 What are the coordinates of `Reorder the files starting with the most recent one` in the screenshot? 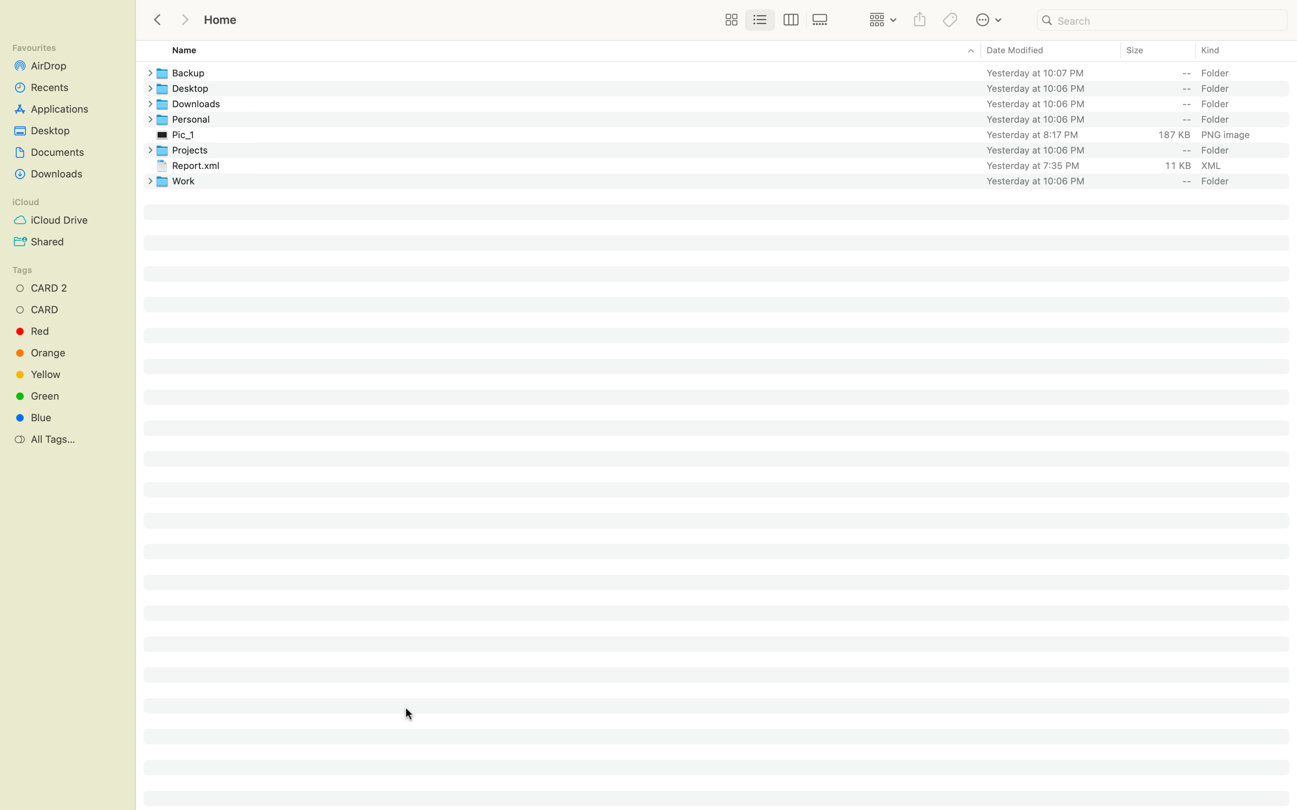 It's located at (1049, 51).